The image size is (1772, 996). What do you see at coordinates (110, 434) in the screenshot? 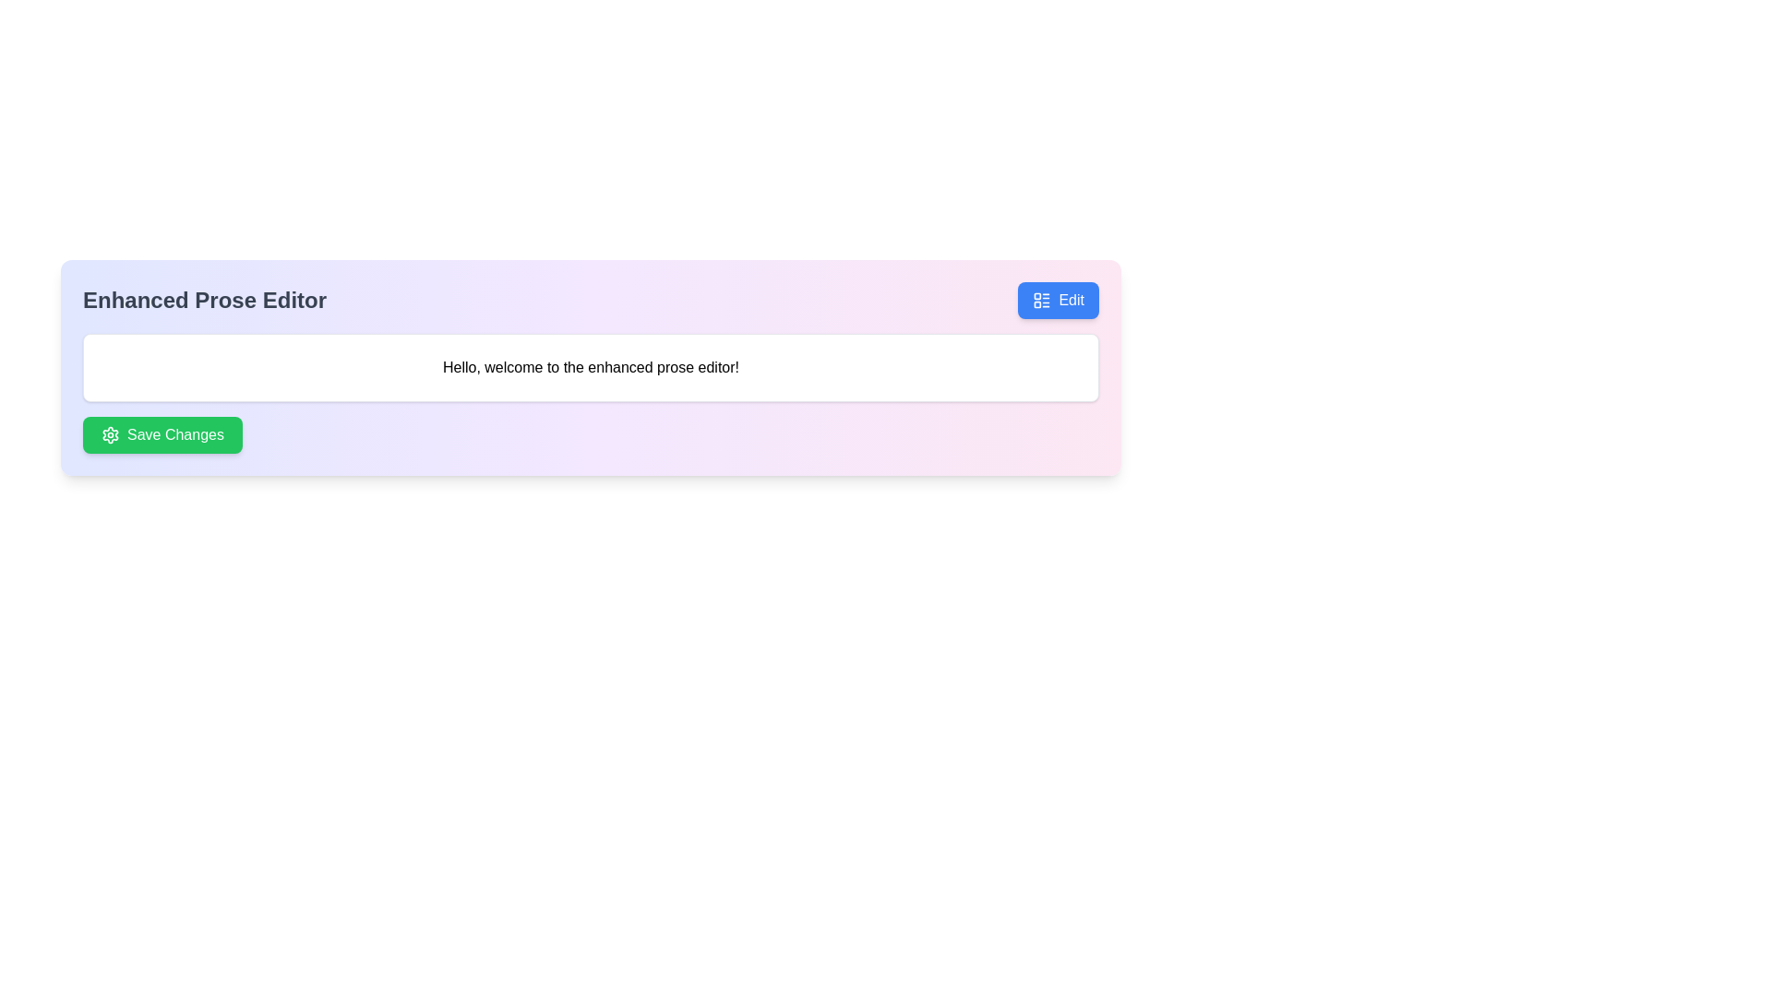
I see `the cogwheel icon embedded within the green button at the bottom left of the panel` at bounding box center [110, 434].